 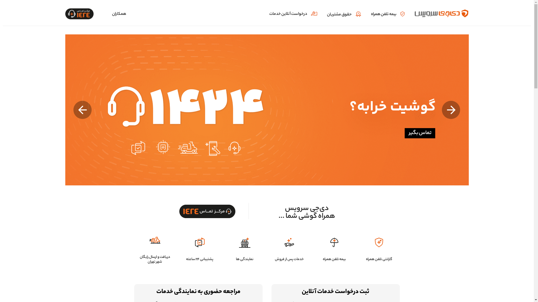 I want to click on 'Frame 21', so click(x=179, y=211).